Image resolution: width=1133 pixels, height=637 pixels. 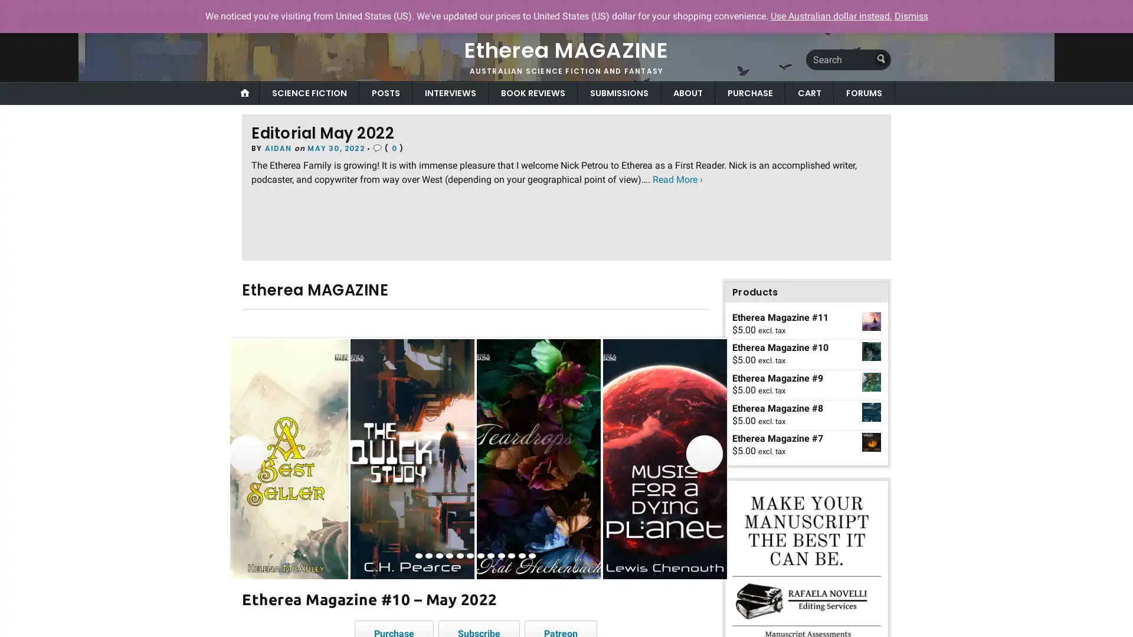 I want to click on Submit, so click(x=881, y=59).